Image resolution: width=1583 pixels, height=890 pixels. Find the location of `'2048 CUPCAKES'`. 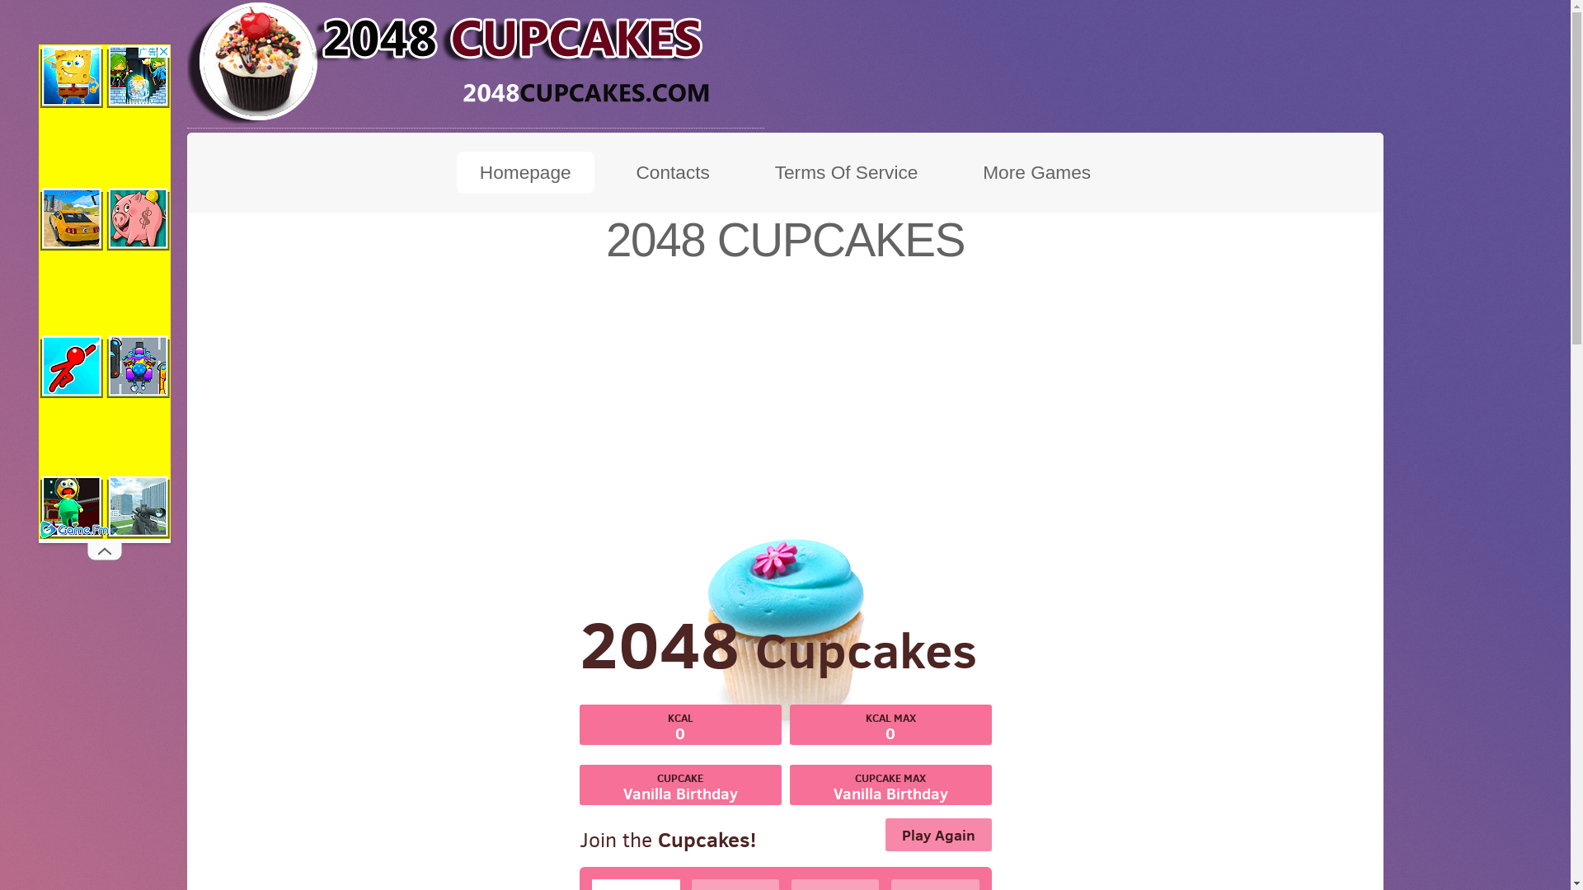

'2048 CUPCAKES' is located at coordinates (474, 60).